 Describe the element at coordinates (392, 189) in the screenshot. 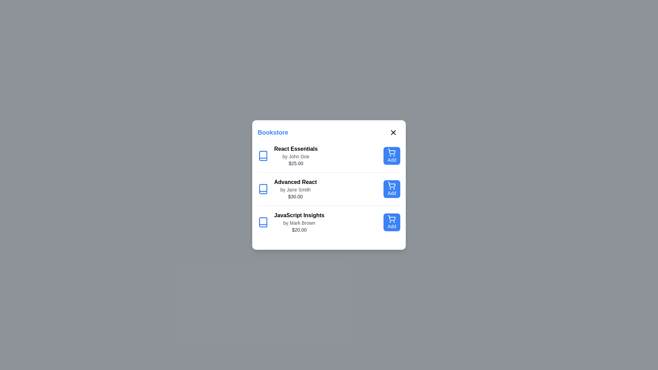

I see `'Add' button for the book titled 'Advanced React'` at that location.